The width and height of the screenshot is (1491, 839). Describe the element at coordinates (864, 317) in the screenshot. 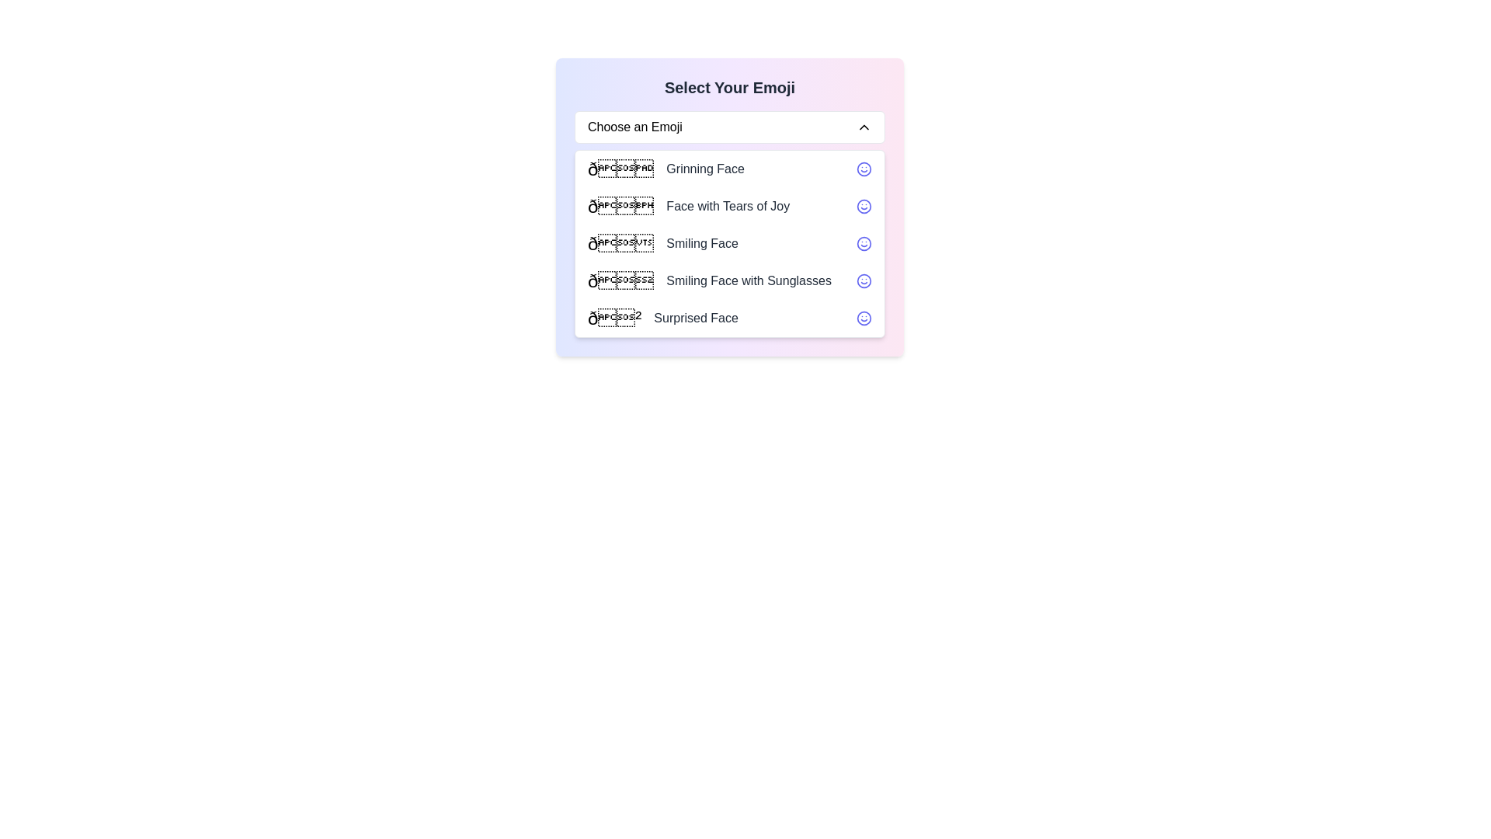

I see `the SVG circle element with a blue border and white interior, located in the 'Choose an Emoji' dropdown under 'Surprised Face'` at that location.